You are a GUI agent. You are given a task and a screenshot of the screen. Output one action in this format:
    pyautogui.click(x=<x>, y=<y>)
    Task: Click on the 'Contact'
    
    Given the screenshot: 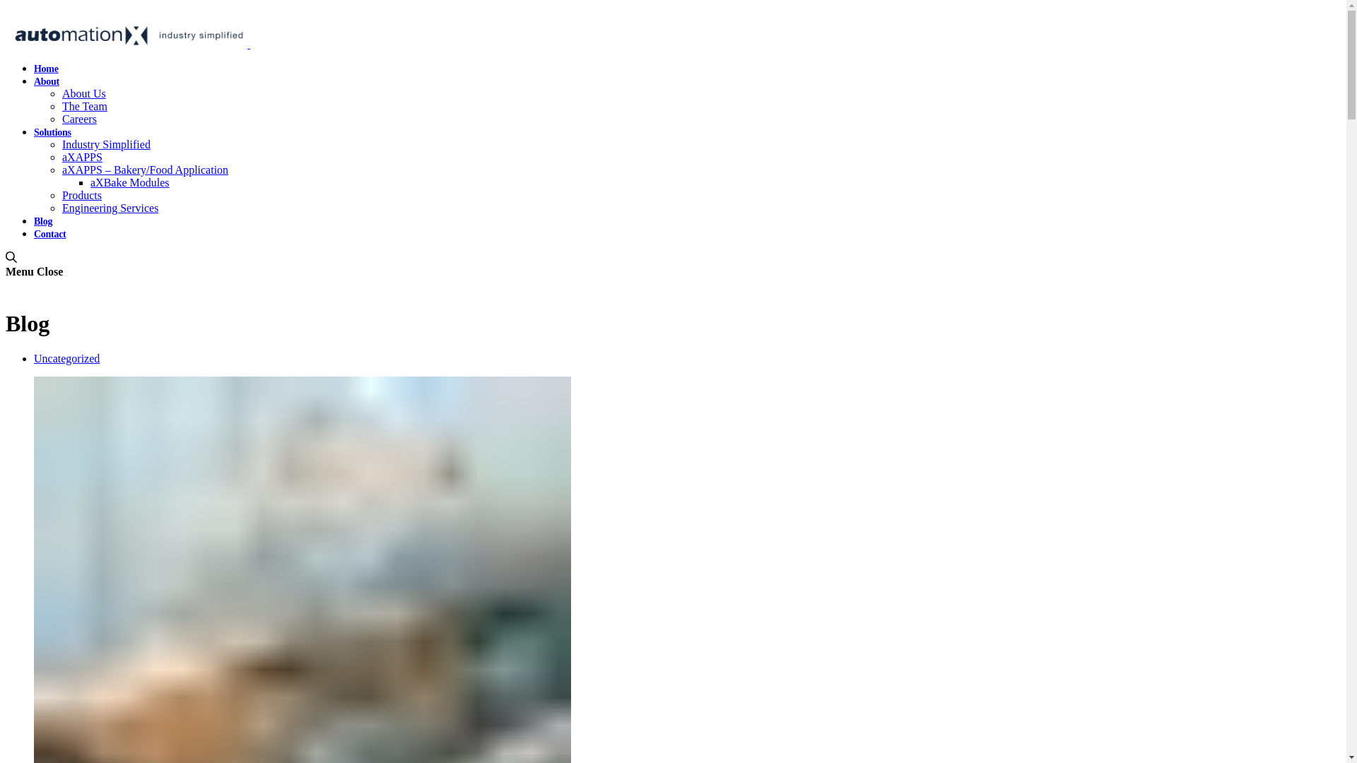 What is the action you would take?
    pyautogui.click(x=49, y=233)
    